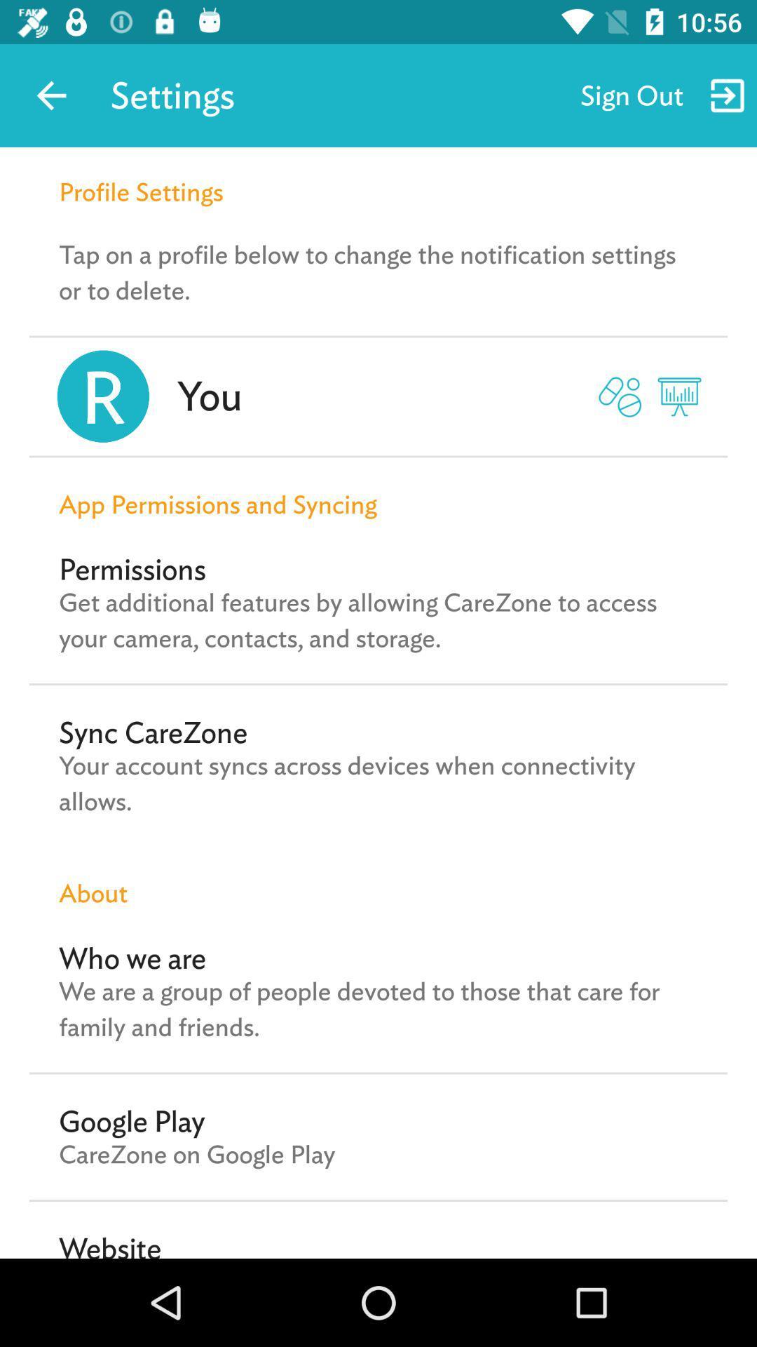  Describe the element at coordinates (378, 783) in the screenshot. I see `your account syncs` at that location.